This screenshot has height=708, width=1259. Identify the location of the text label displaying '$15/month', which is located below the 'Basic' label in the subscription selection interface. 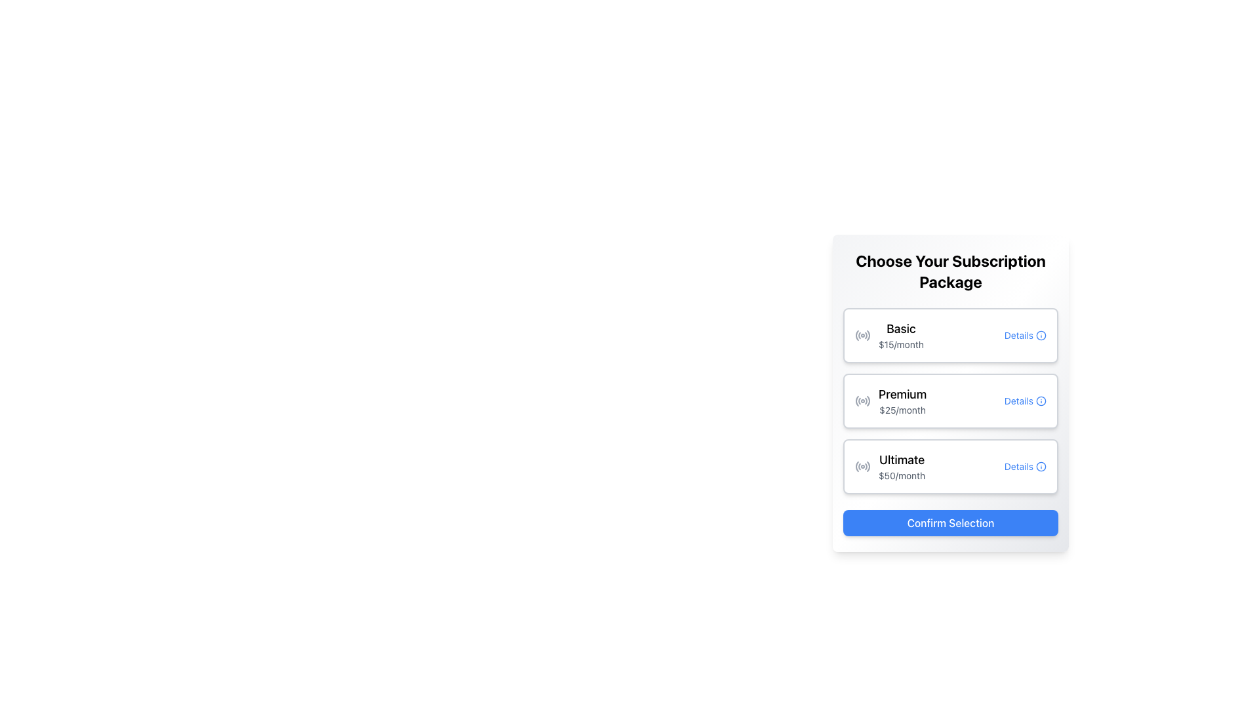
(900, 344).